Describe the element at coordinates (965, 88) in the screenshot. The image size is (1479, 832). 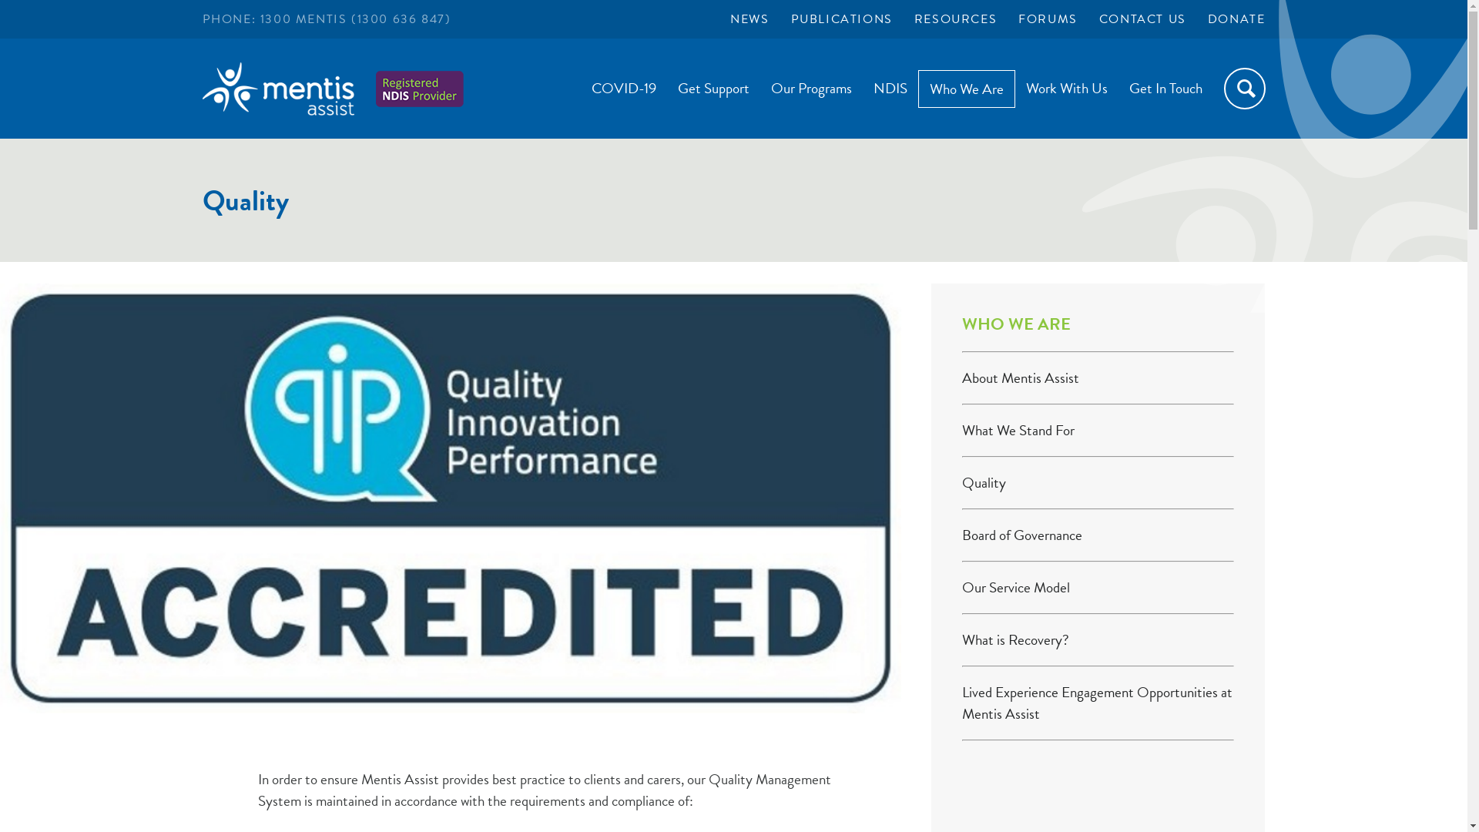
I see `'Who We Are'` at that location.